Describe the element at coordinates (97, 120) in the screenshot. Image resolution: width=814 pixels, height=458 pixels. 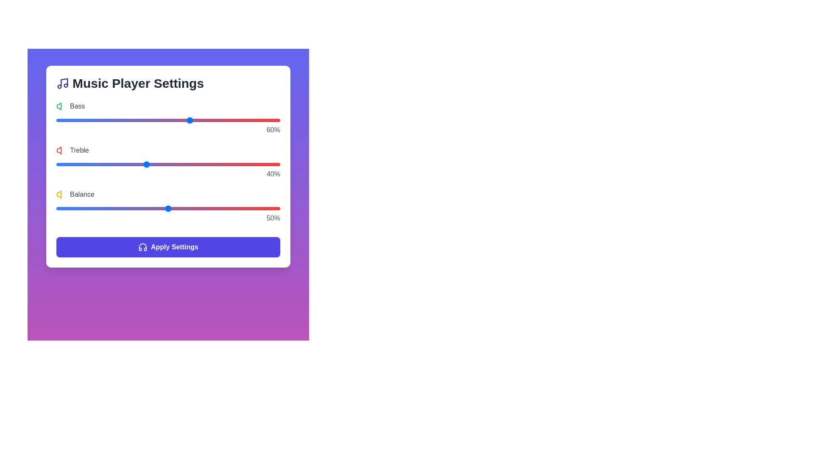
I see `the 0 slider to 18%` at that location.